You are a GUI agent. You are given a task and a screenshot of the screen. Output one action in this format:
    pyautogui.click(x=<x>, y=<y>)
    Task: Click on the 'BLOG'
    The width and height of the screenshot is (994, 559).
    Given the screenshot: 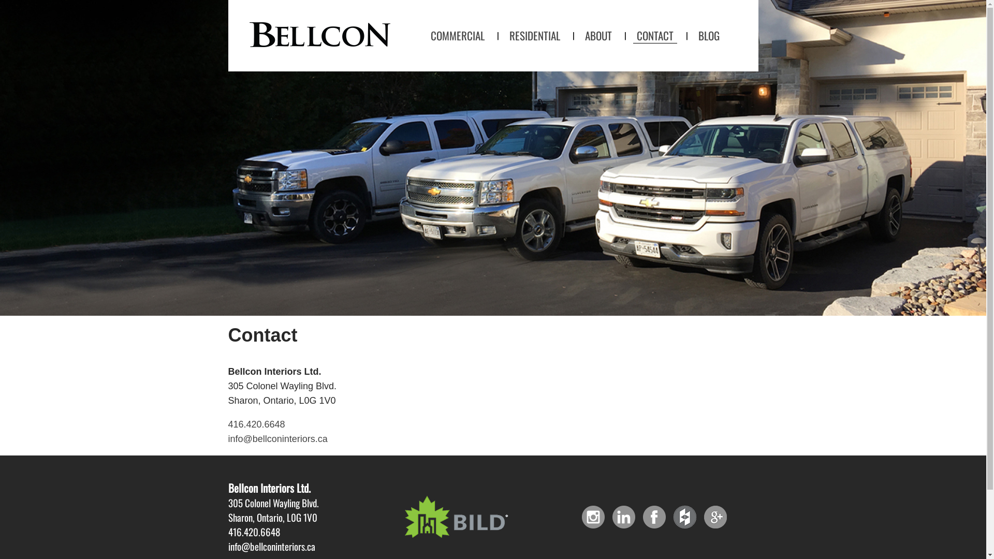 What is the action you would take?
    pyautogui.click(x=695, y=35)
    